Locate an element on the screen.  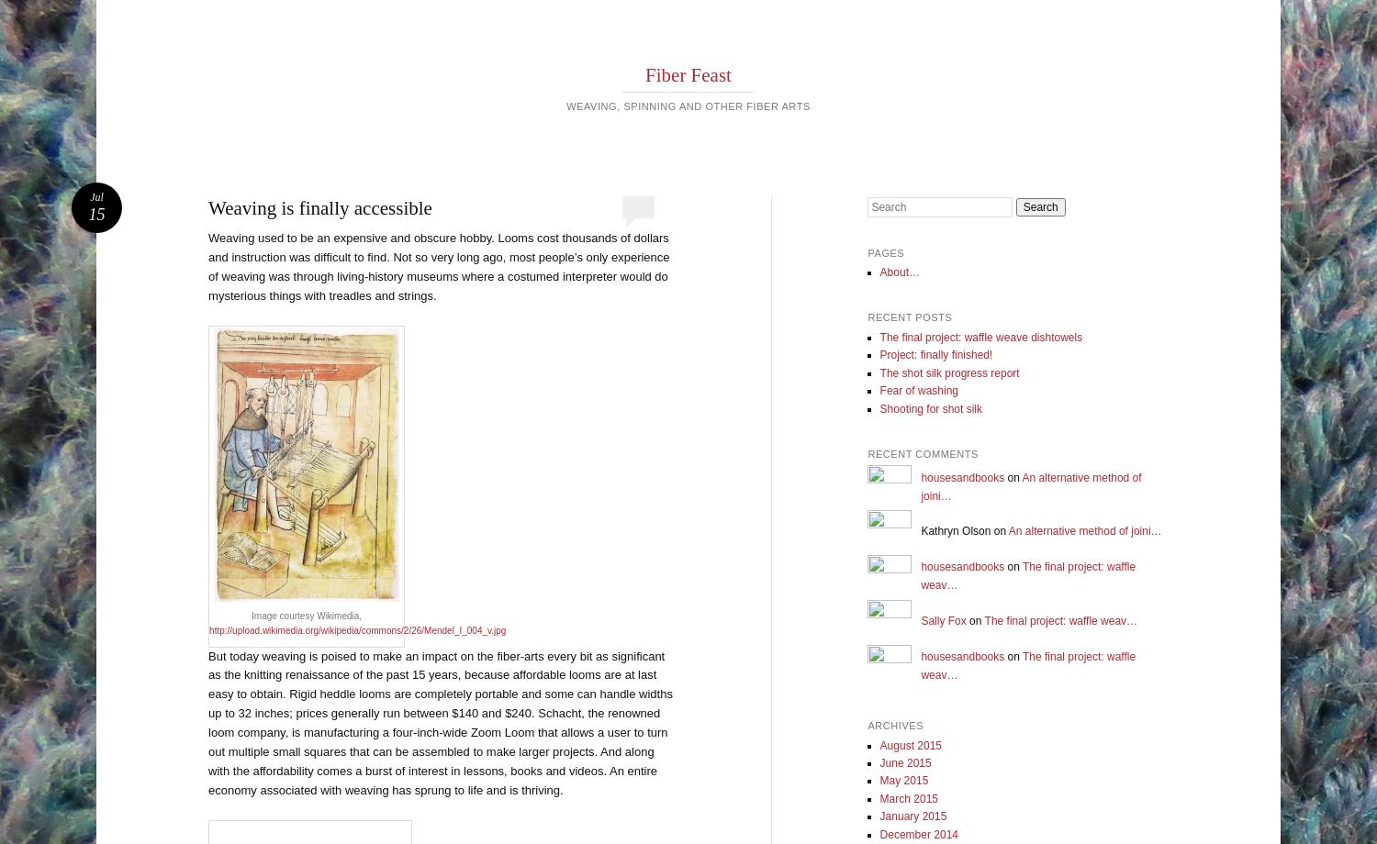
'Recent Comments' is located at coordinates (923, 453).